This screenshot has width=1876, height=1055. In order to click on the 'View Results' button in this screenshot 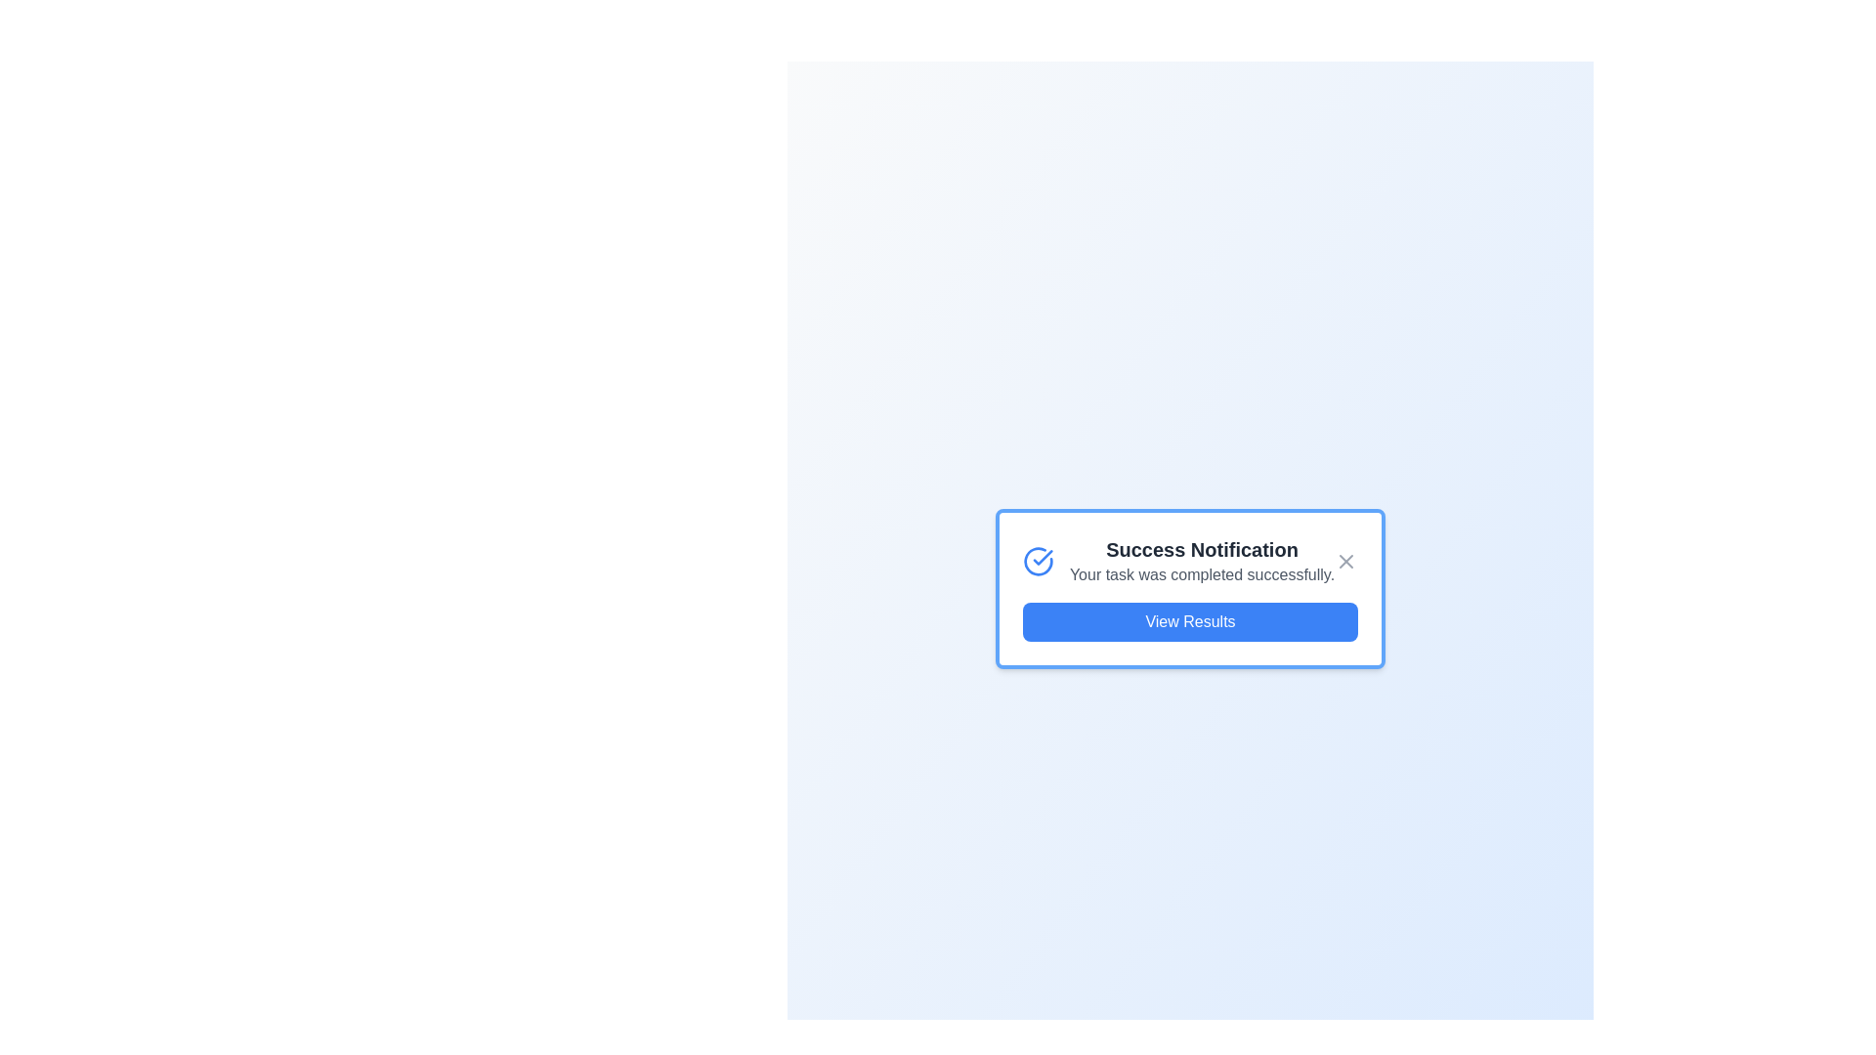, I will do `click(1189, 621)`.